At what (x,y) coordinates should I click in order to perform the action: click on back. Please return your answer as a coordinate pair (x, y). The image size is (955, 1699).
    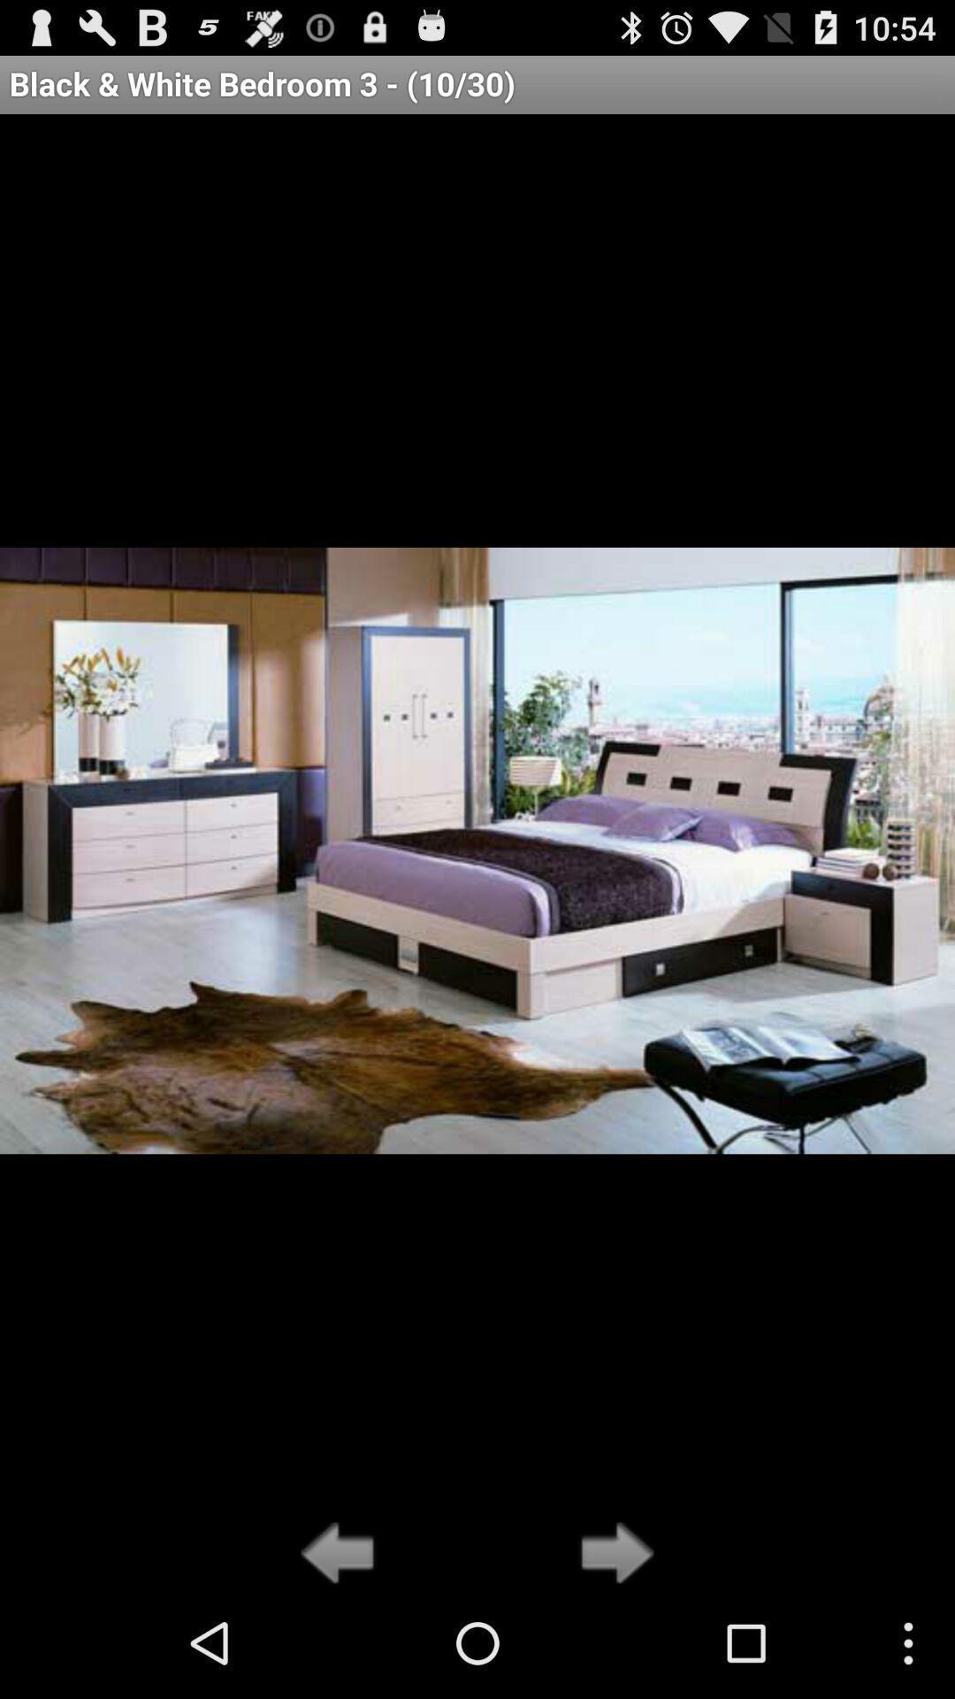
    Looking at the image, I should click on (342, 1554).